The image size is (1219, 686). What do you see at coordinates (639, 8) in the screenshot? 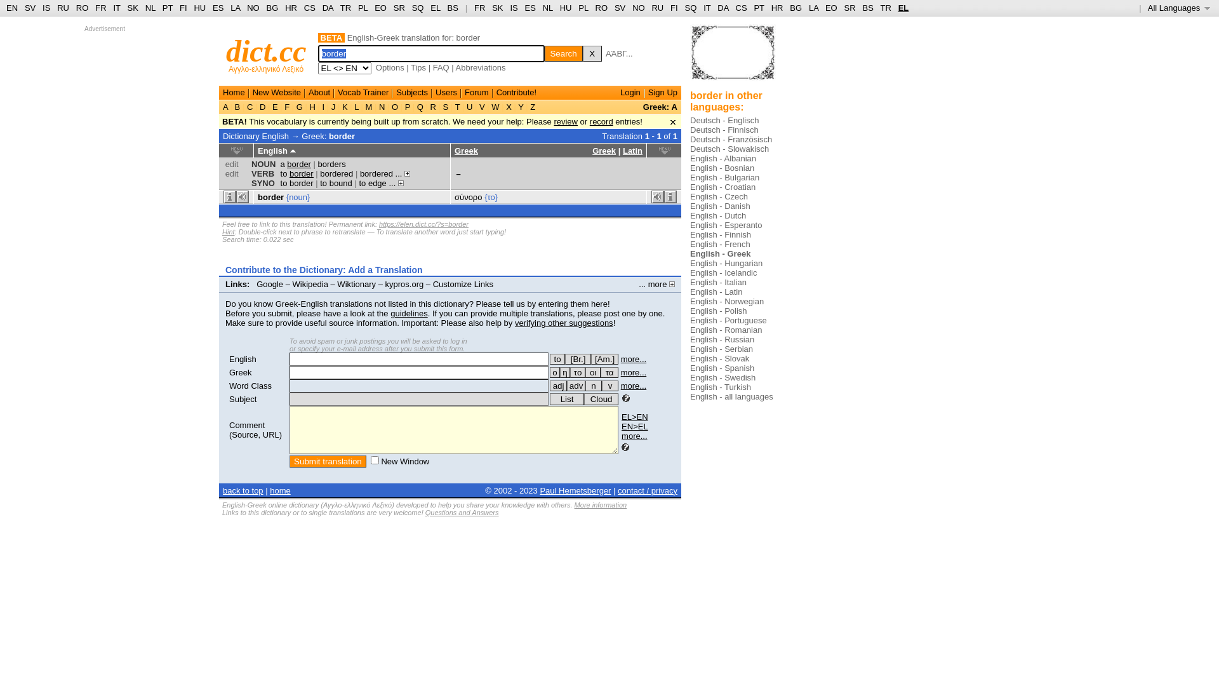
I see `'NO'` at bounding box center [639, 8].